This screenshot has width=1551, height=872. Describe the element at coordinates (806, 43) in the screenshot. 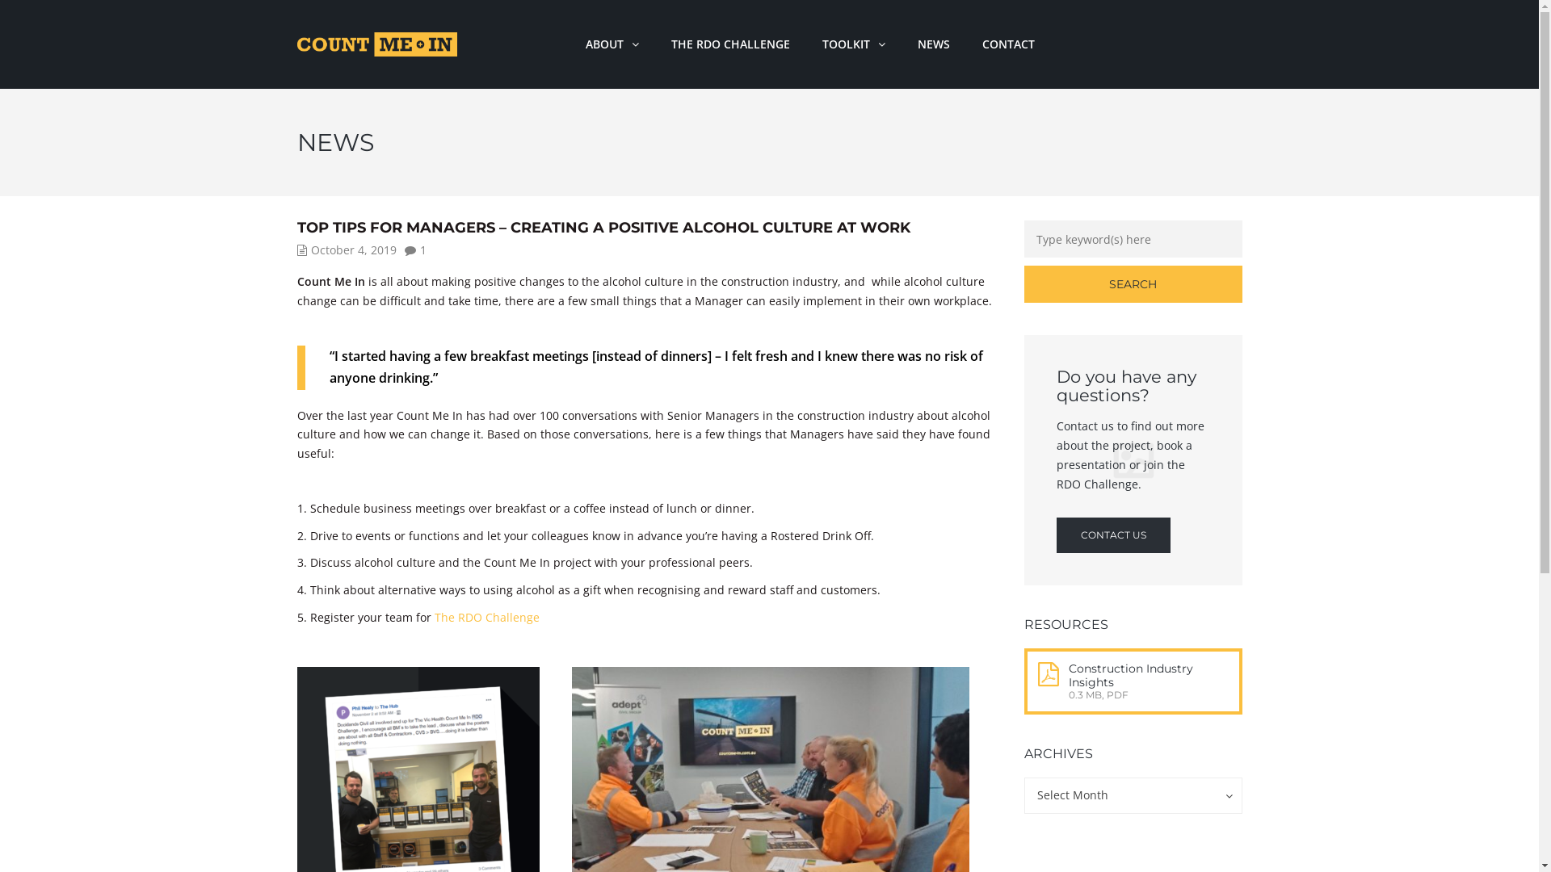

I see `'TOOLKIT'` at that location.